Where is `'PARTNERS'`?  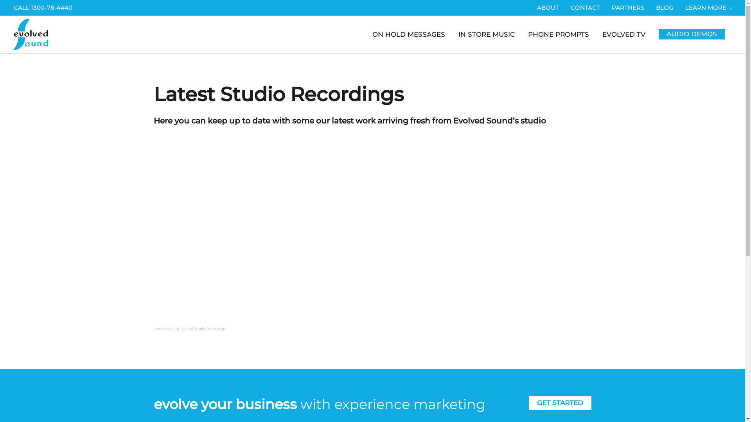 'PARTNERS' is located at coordinates (628, 7).